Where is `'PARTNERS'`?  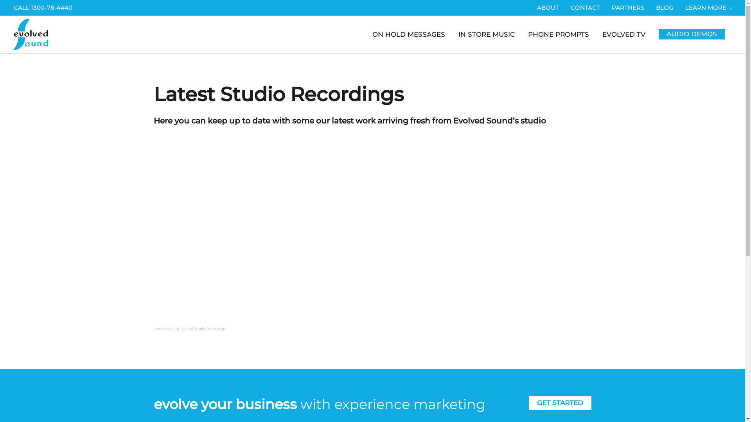 'PARTNERS' is located at coordinates (628, 7).